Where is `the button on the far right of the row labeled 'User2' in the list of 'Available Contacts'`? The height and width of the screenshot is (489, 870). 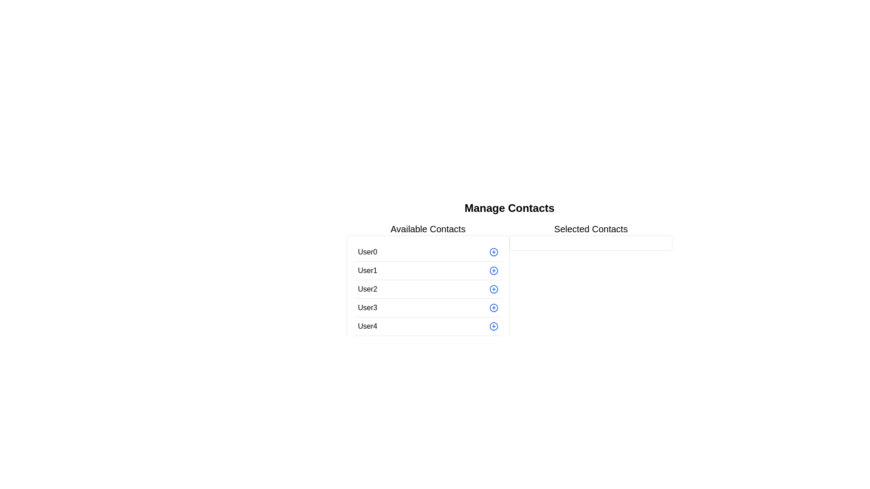
the button on the far right of the row labeled 'User2' in the list of 'Available Contacts' is located at coordinates (493, 289).